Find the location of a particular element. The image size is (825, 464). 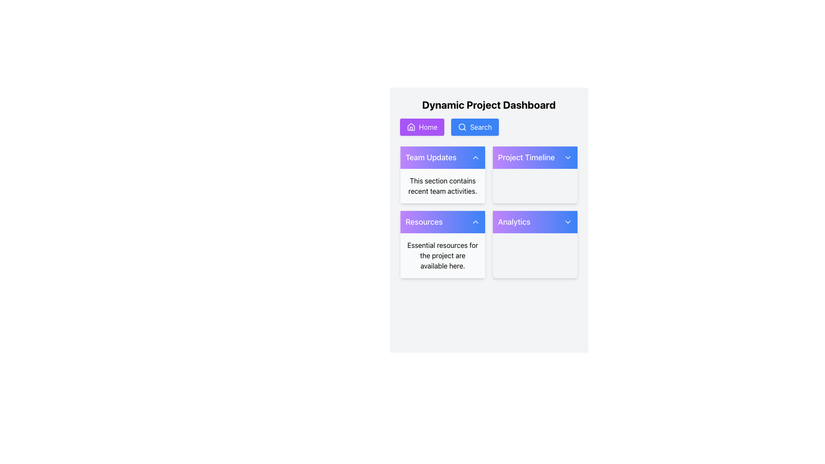

the upward-pointing chevron icon in the header of the 'Team Updates' card is located at coordinates (475, 157).